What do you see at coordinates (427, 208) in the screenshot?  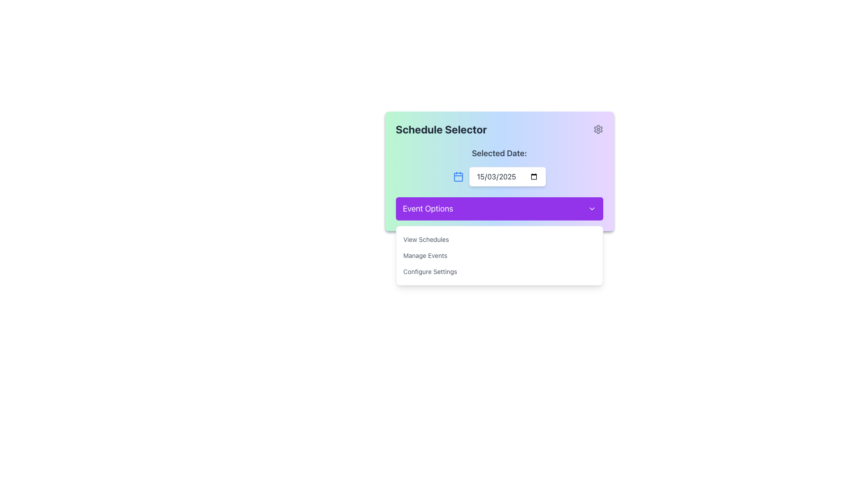 I see `the 'Event Options' text label displayed in white on a vivid purple rectangular background, located in the bottom-left corner of the purple button bar under the 'Schedule Selector' section` at bounding box center [427, 208].